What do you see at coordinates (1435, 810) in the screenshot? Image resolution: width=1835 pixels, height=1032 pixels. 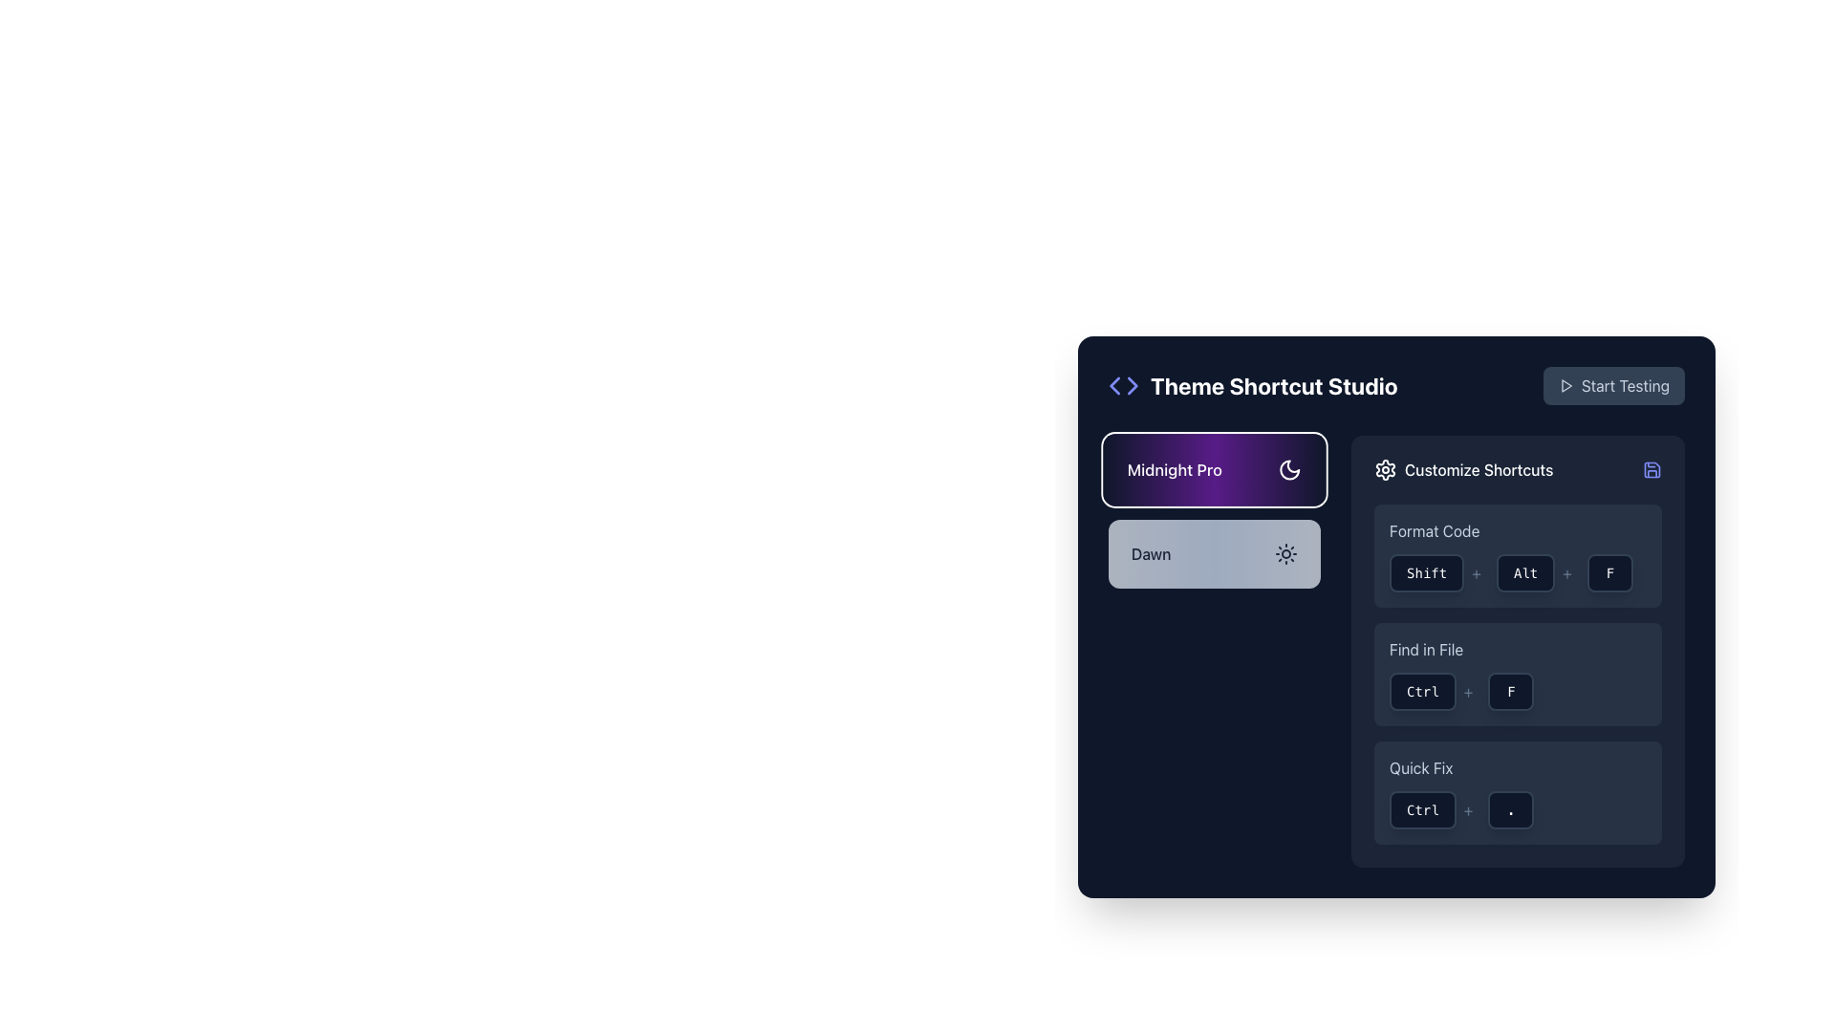 I see `the 'Ctrl' key button, which is styled to represent a key on a keyboard and is located in the lower-right section of the interface within the 'Quick Fix' group` at bounding box center [1435, 810].